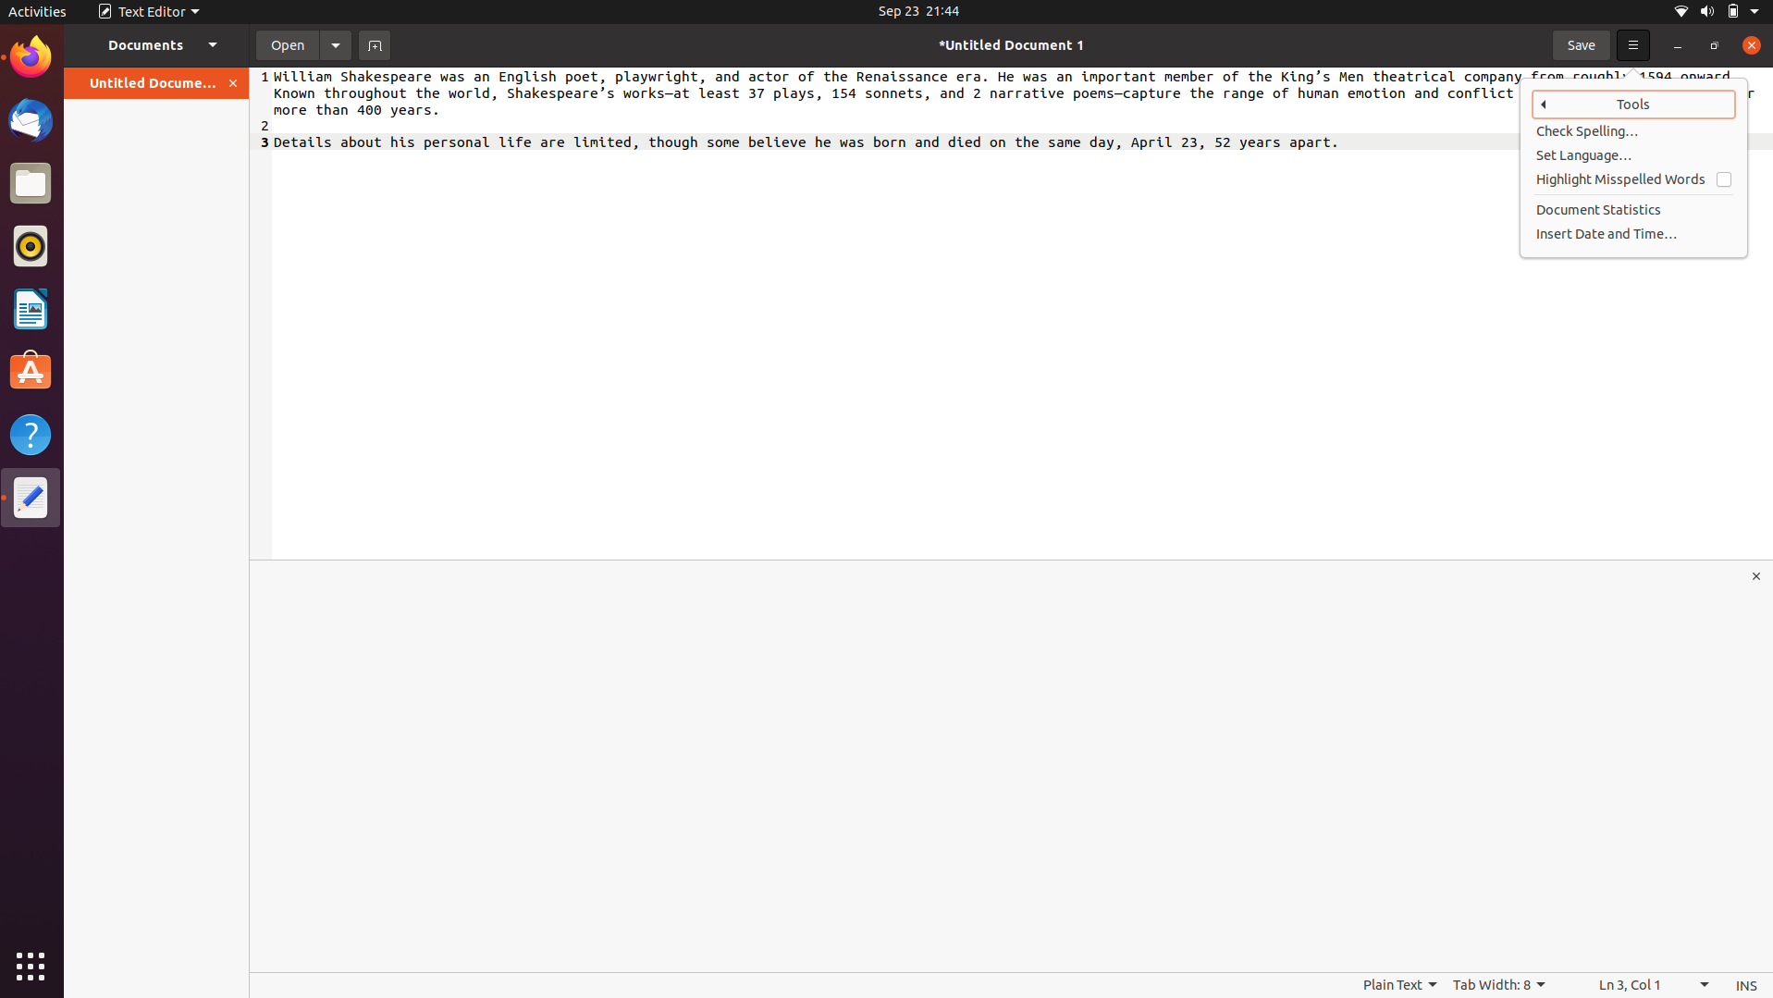 Image resolution: width=1773 pixels, height=998 pixels. What do you see at coordinates (1398, 985) in the screenshot?
I see `Transform the document format to HTML` at bounding box center [1398, 985].